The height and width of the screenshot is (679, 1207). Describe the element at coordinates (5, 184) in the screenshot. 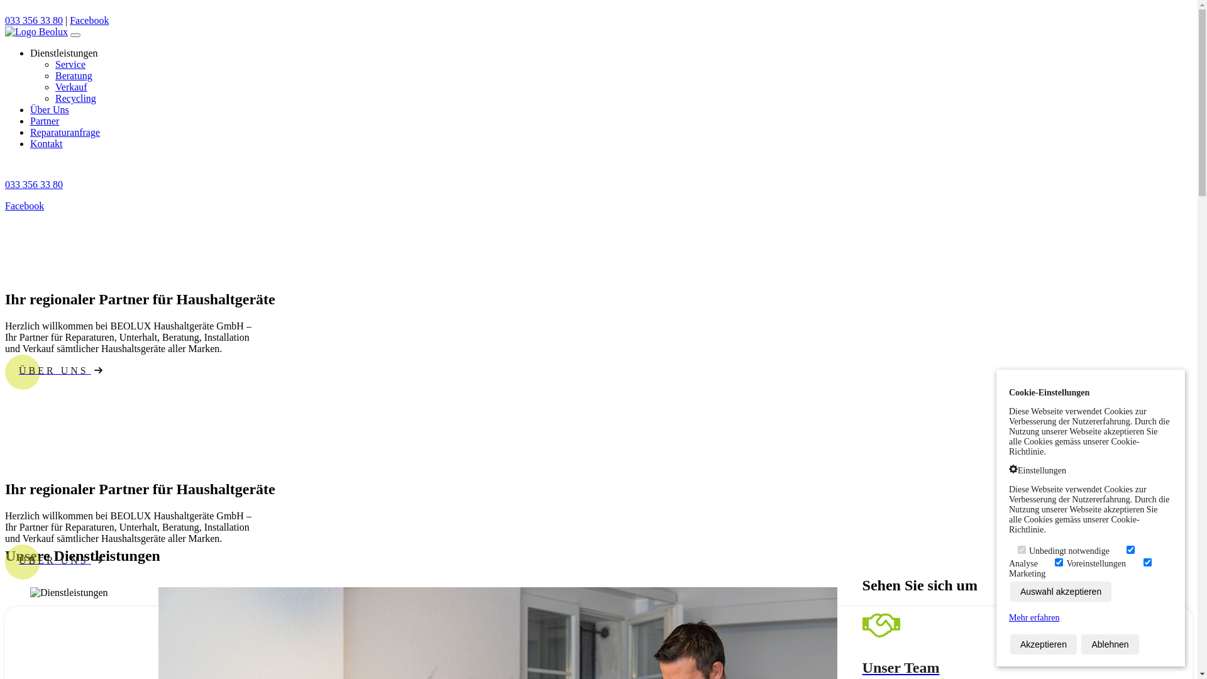

I see `'033 356 33 80'` at that location.